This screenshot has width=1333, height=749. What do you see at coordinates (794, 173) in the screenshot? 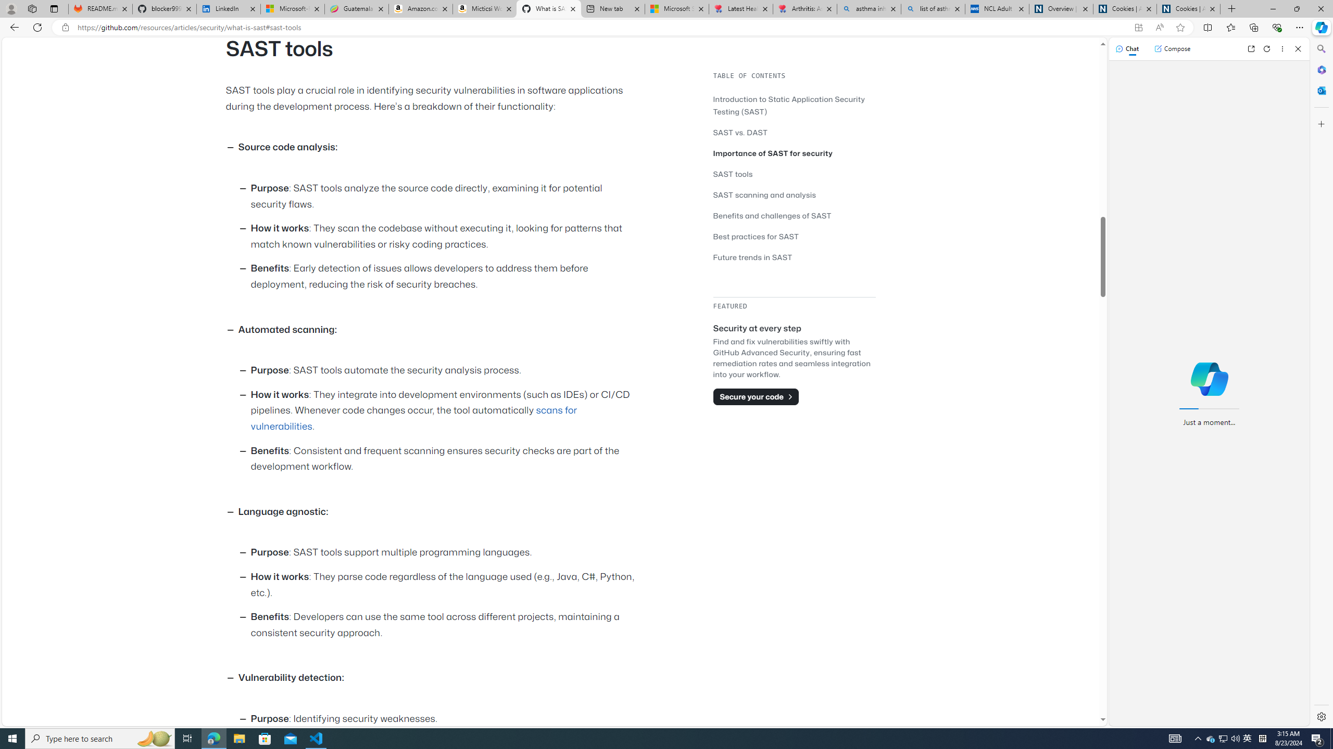
I see `'SAST tools'` at bounding box center [794, 173].